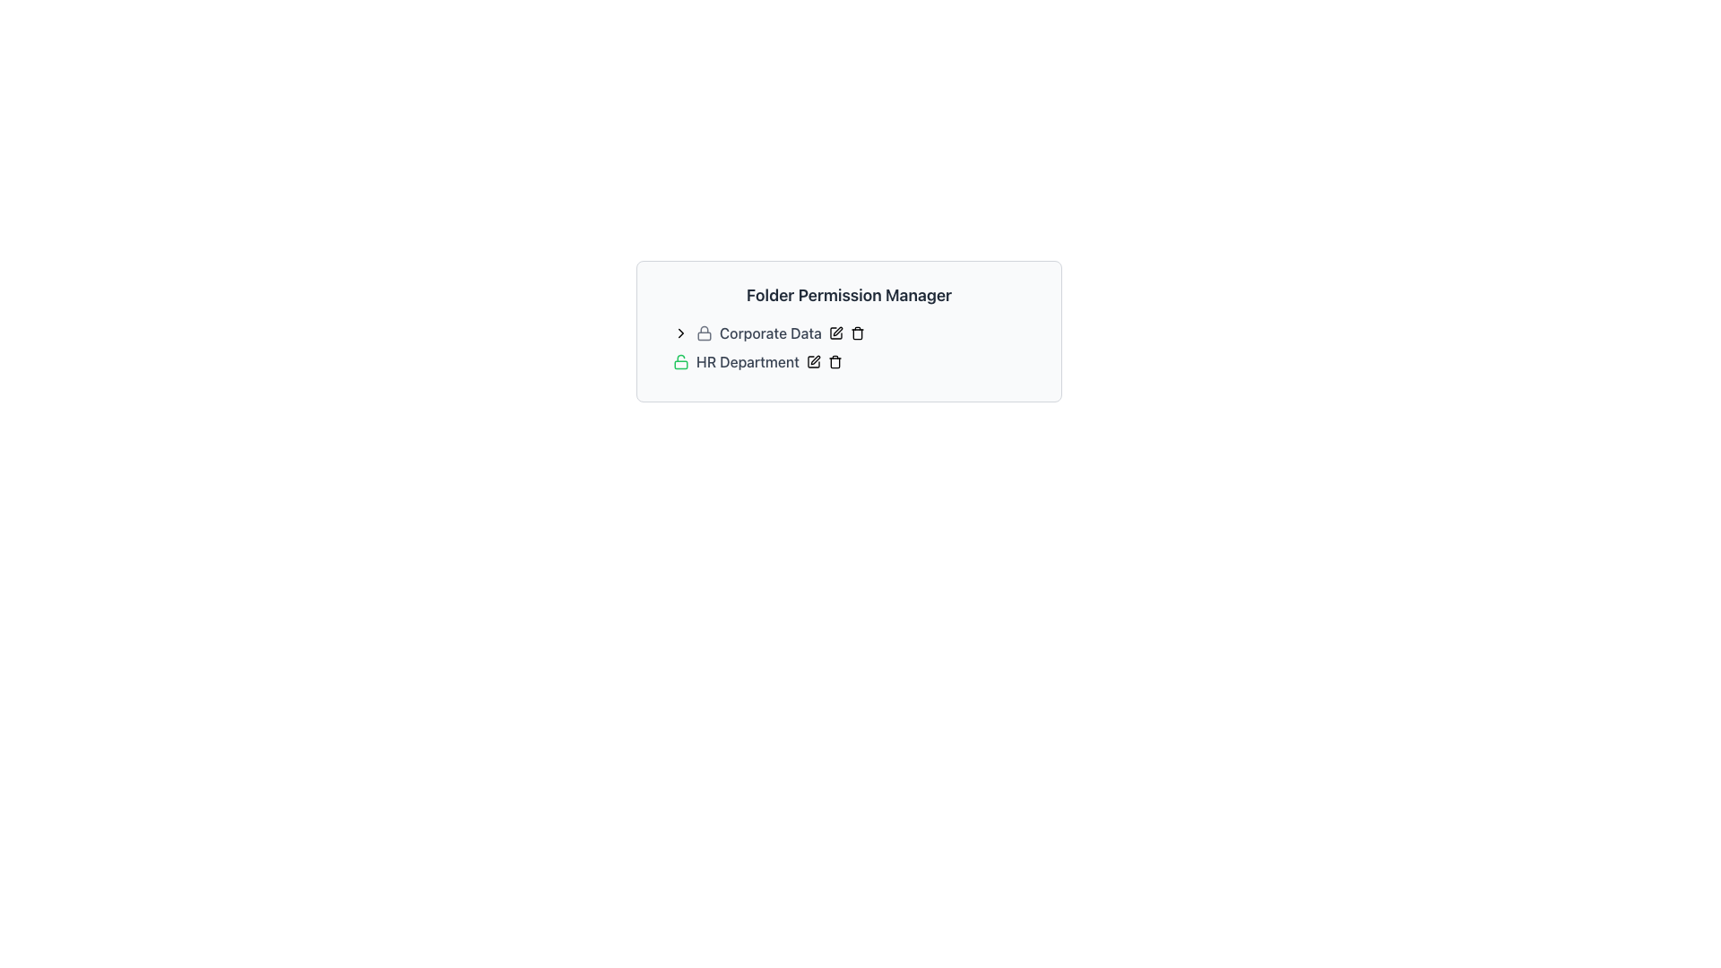 Image resolution: width=1721 pixels, height=968 pixels. Describe the element at coordinates (679, 362) in the screenshot. I see `the green outlined lock icon located to the left of 'HR Department' in the Folder Permission Manager interface` at that location.